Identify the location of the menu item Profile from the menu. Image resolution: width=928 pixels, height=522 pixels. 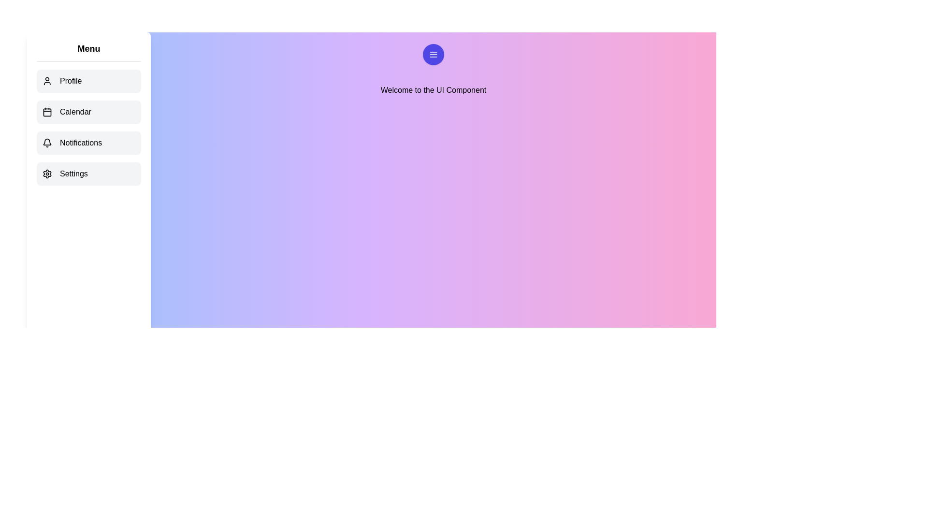
(88, 81).